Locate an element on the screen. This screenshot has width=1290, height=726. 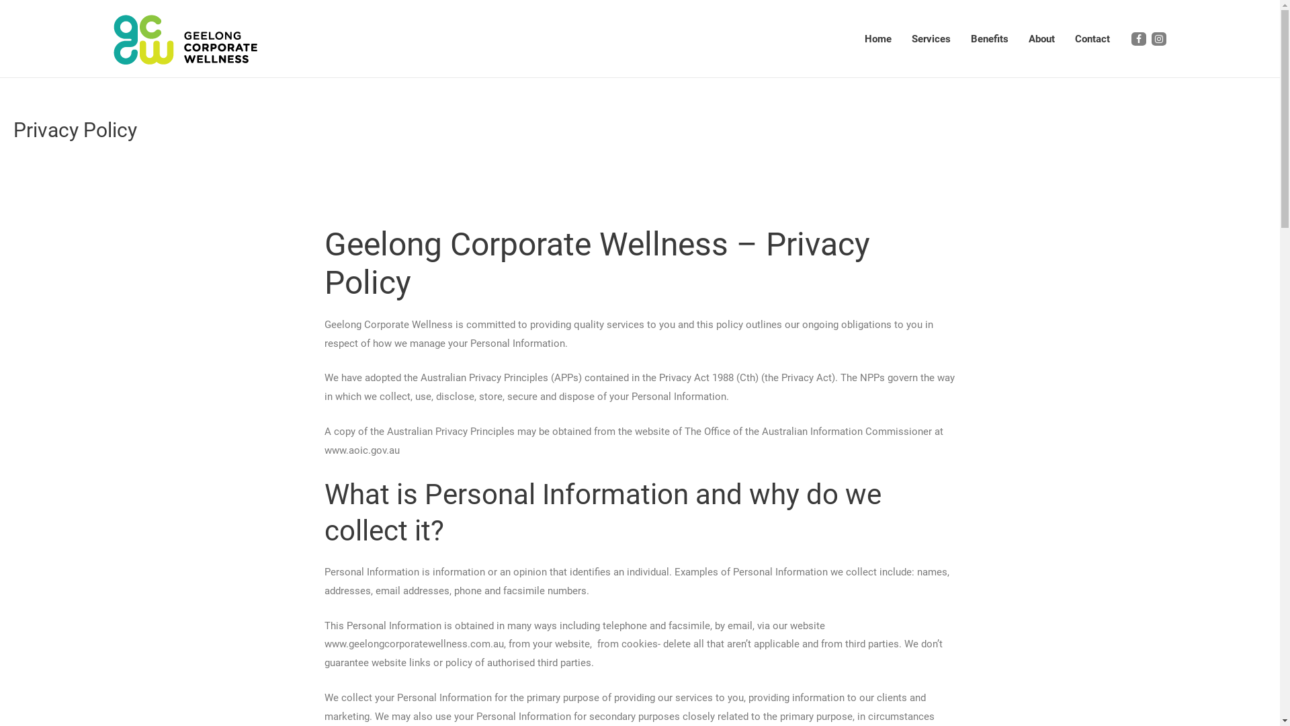
'Benefits' is located at coordinates (990, 38).